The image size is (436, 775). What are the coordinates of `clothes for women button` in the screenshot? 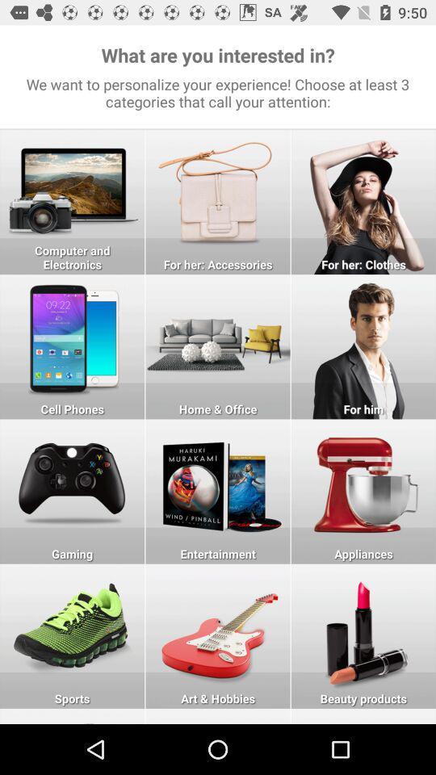 It's located at (363, 201).